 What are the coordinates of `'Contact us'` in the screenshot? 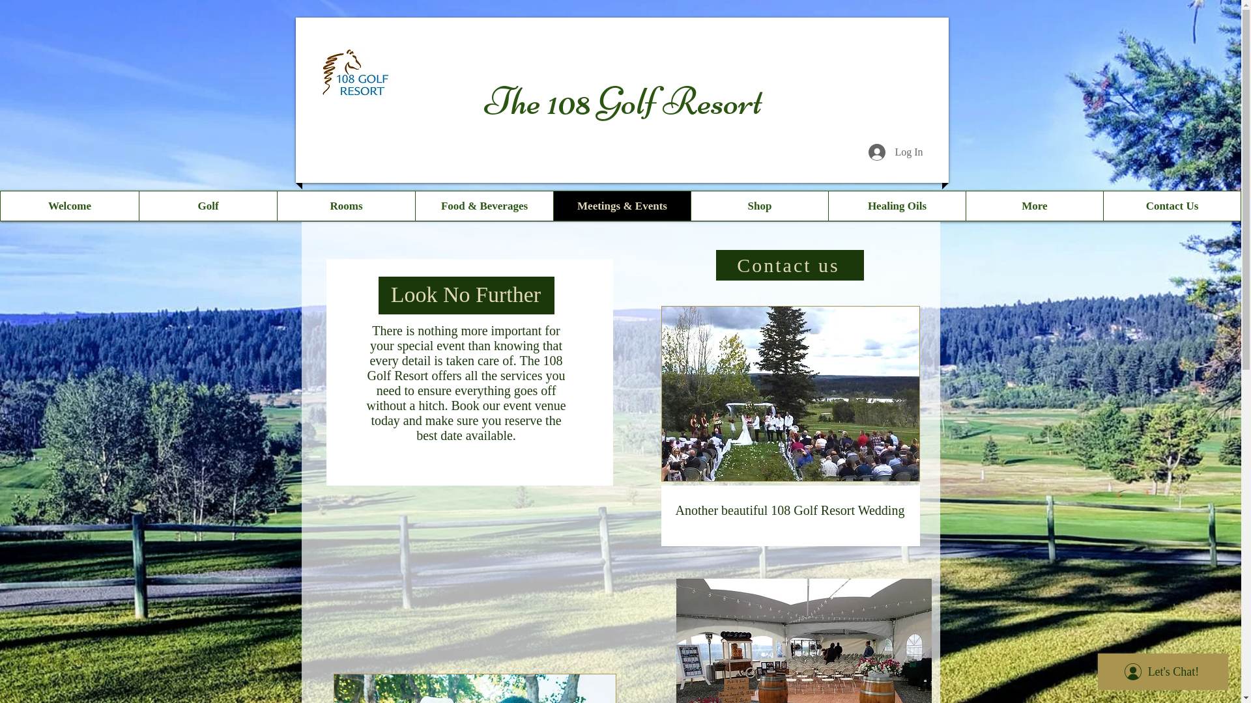 It's located at (788, 264).